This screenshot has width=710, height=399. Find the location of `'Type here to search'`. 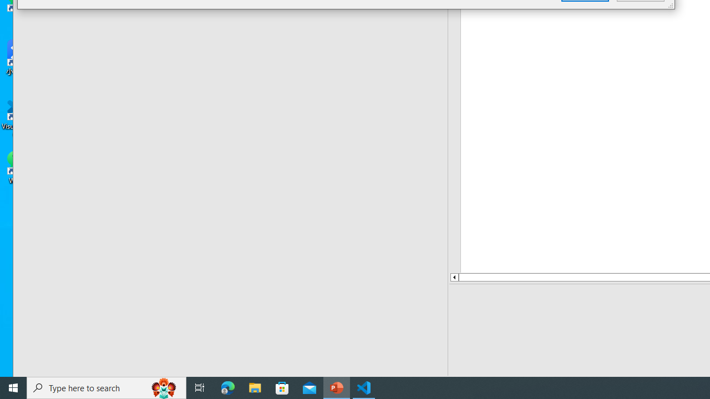

'Type here to search' is located at coordinates (106, 387).